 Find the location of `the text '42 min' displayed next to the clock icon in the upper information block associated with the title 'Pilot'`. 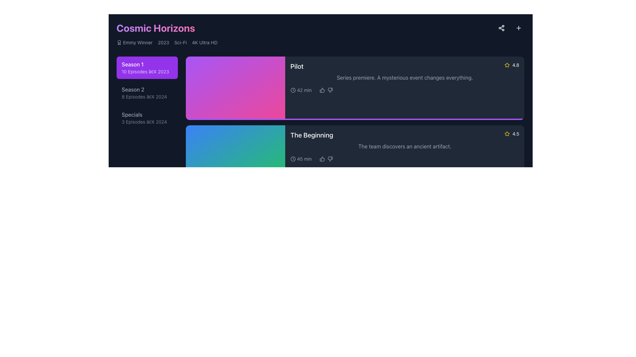

the text '42 min' displayed next to the clock icon in the upper information block associated with the title 'Pilot' is located at coordinates (300, 90).